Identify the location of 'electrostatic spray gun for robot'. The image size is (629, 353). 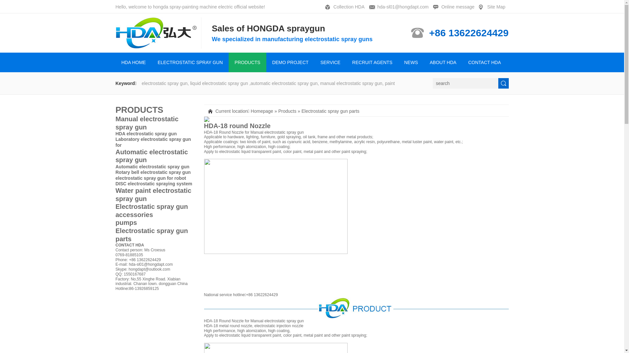
(150, 178).